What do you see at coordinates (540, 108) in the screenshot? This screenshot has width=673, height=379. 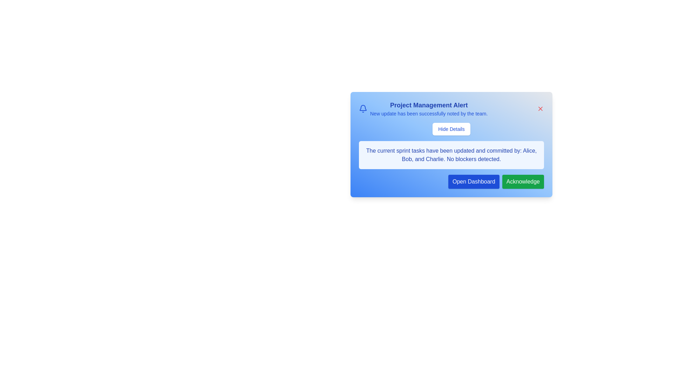 I see `the close button to dismiss the alert` at bounding box center [540, 108].